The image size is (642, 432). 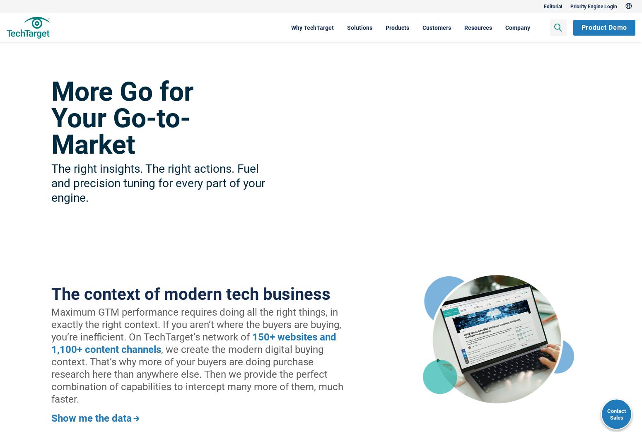 I want to click on 'Priority Engine Login', so click(x=549, y=6).